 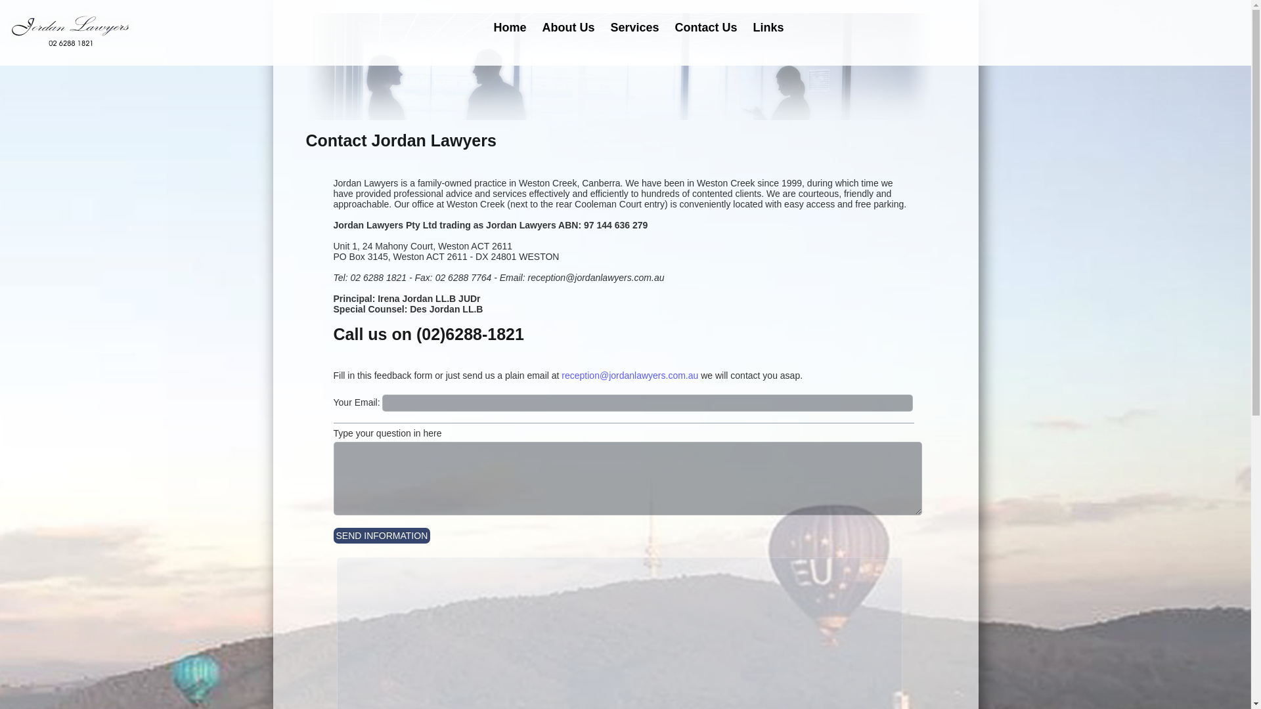 What do you see at coordinates (567, 28) in the screenshot?
I see `'About Us'` at bounding box center [567, 28].